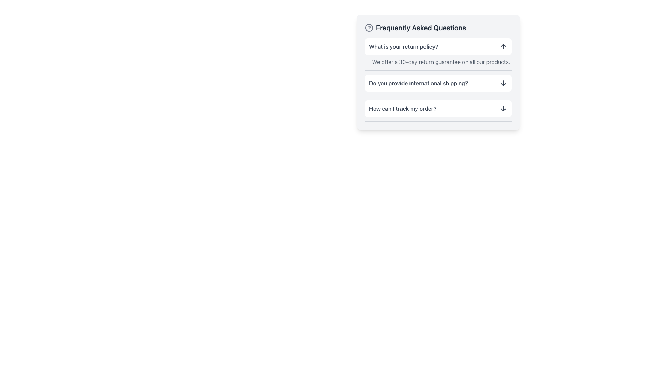 This screenshot has width=668, height=376. I want to click on the SVG Circle that is part of the help icon near the 'Frequently Asked Questions' heading, so click(368, 28).